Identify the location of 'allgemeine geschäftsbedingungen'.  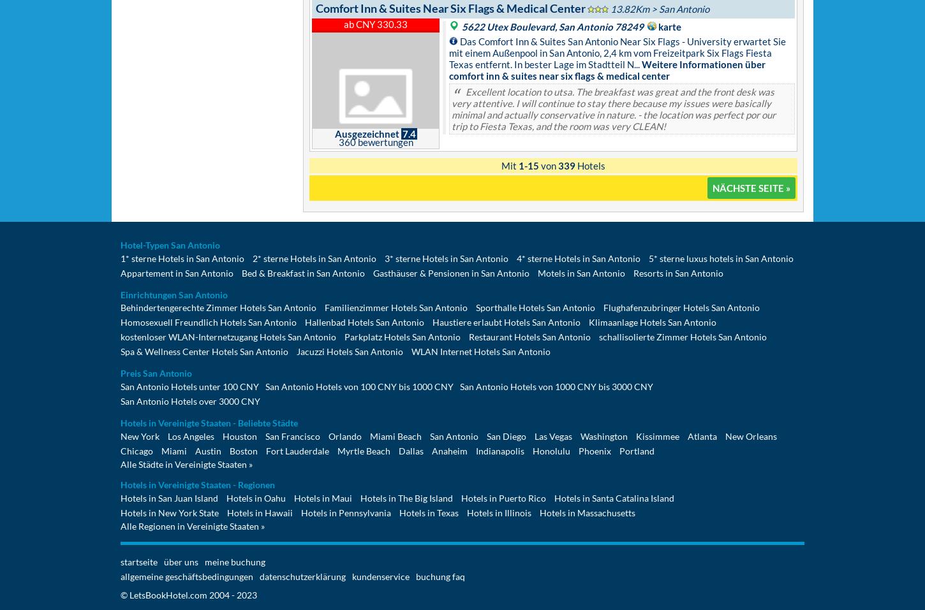
(119, 576).